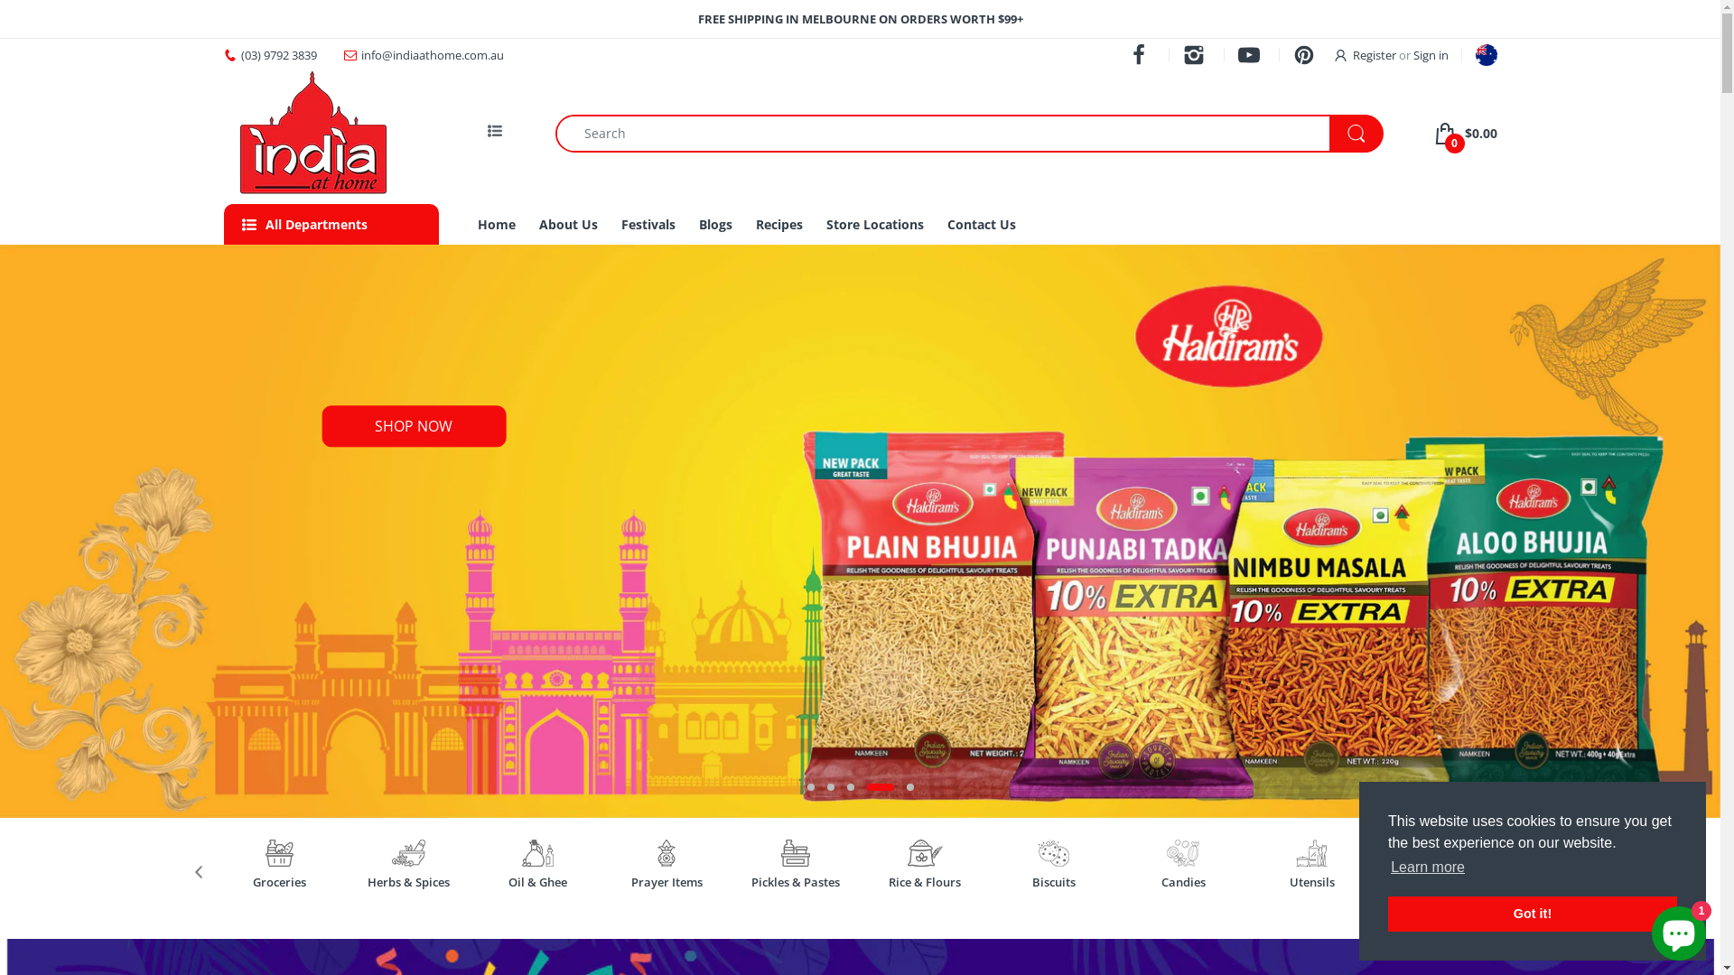 This screenshot has width=1734, height=975. Describe the element at coordinates (648, 223) in the screenshot. I see `'Festivals'` at that location.